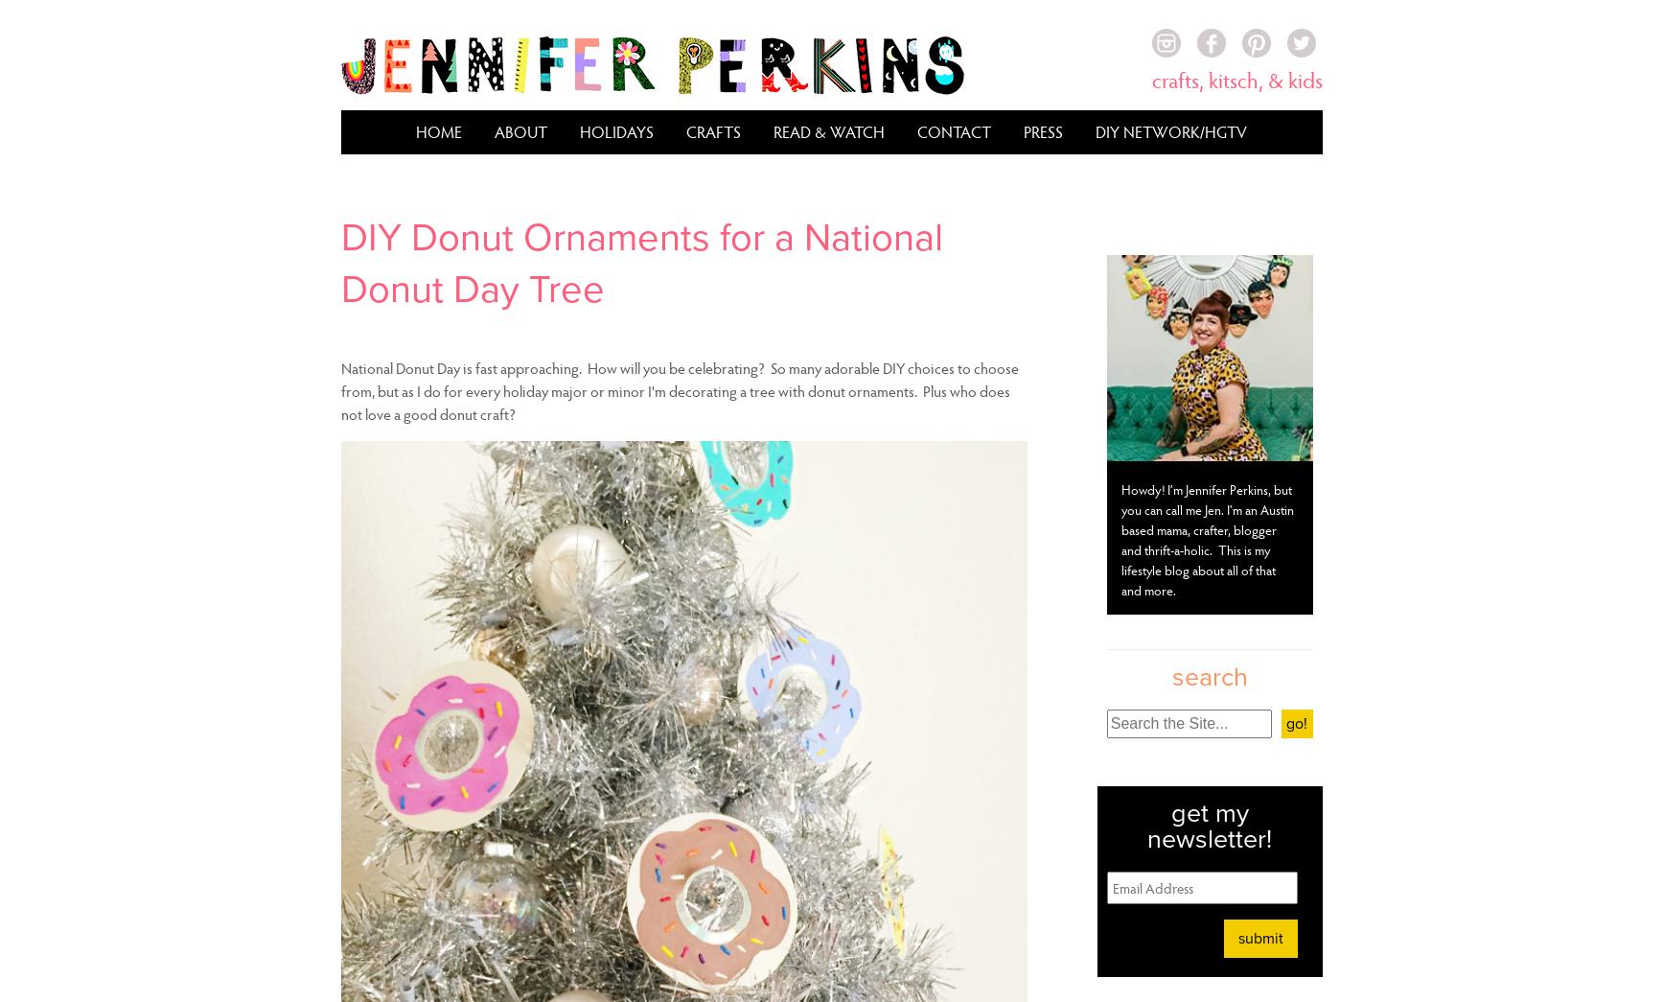 This screenshot has width=1663, height=1002. I want to click on 'Home', so click(439, 130).